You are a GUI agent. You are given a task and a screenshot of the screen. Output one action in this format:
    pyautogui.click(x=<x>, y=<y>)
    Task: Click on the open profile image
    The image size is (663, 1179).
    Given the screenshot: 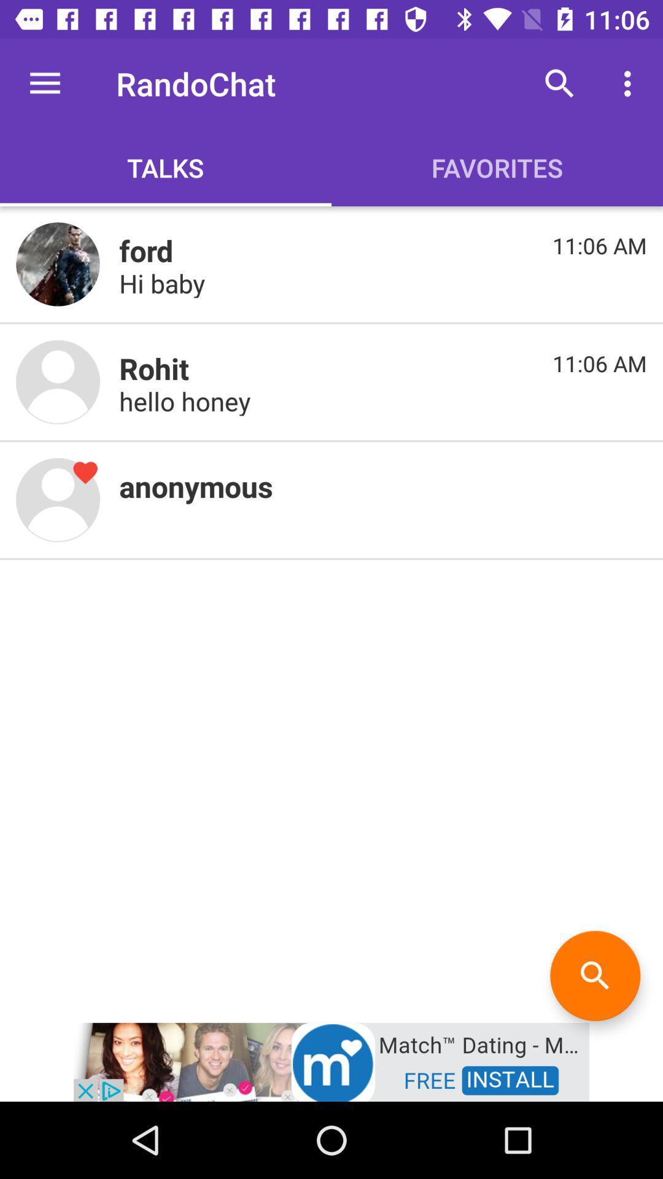 What is the action you would take?
    pyautogui.click(x=58, y=263)
    